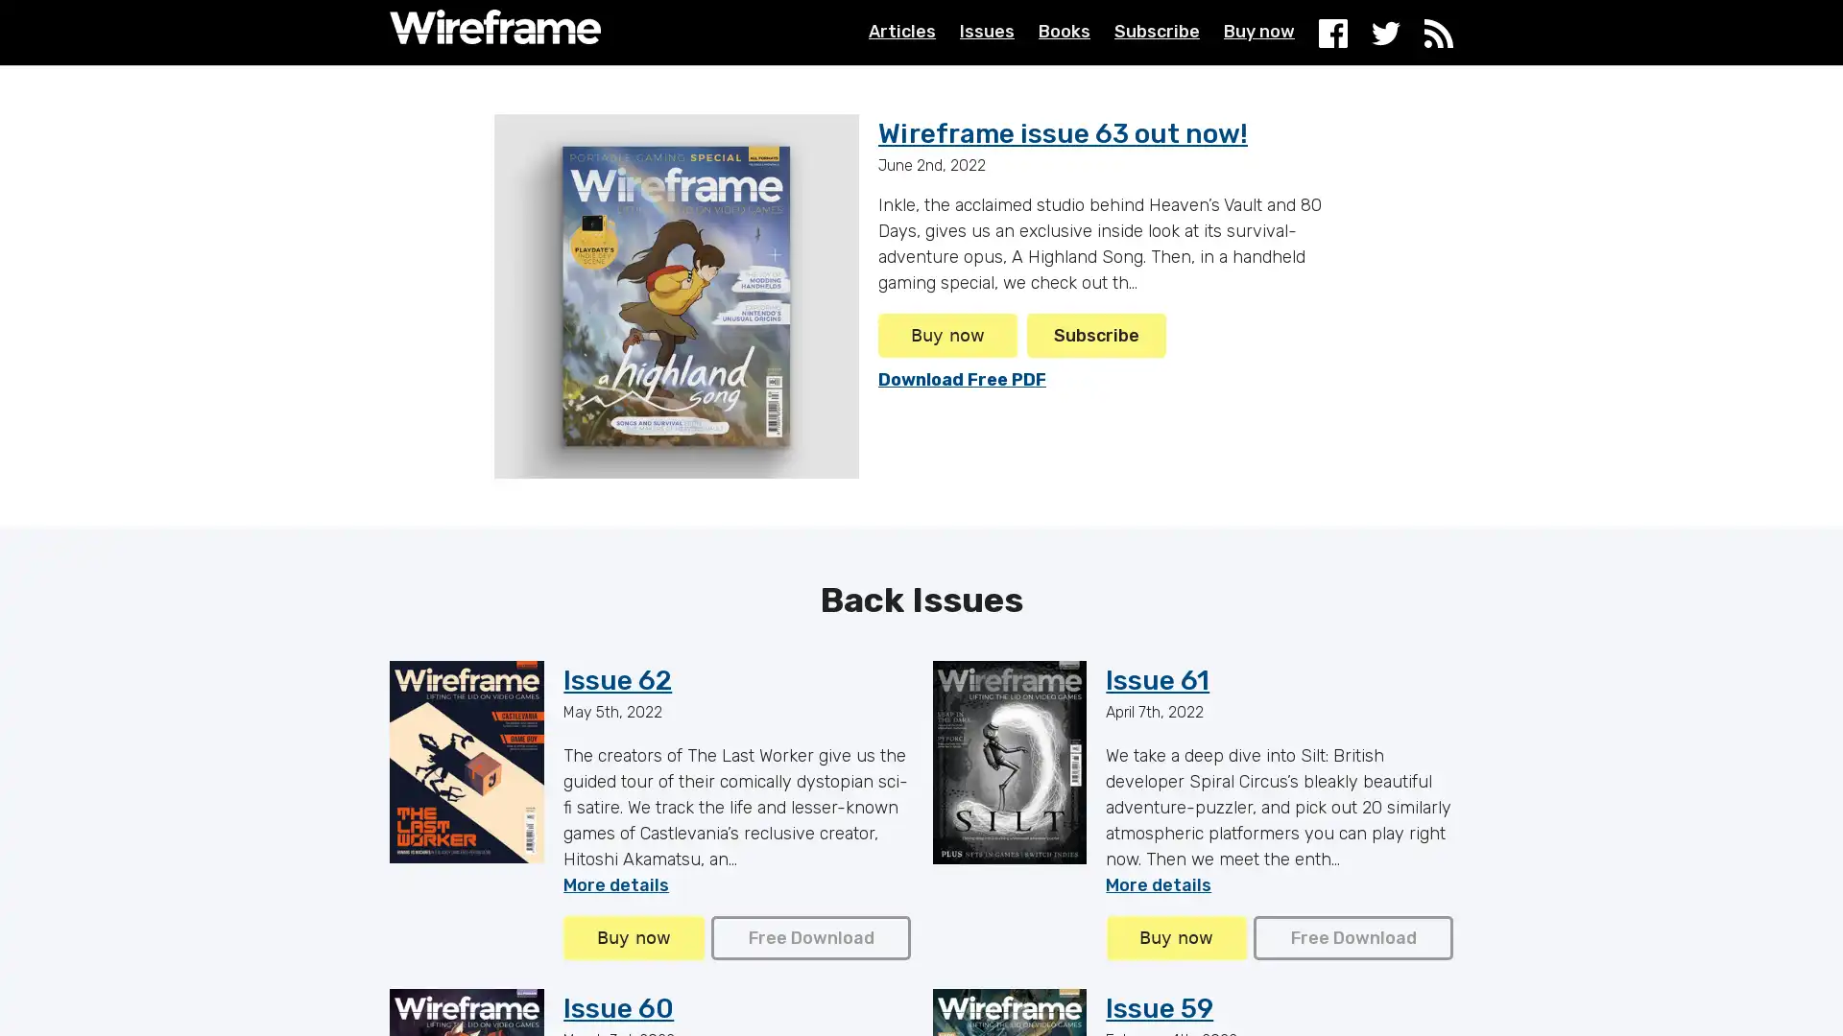  What do you see at coordinates (947, 335) in the screenshot?
I see `Buy now` at bounding box center [947, 335].